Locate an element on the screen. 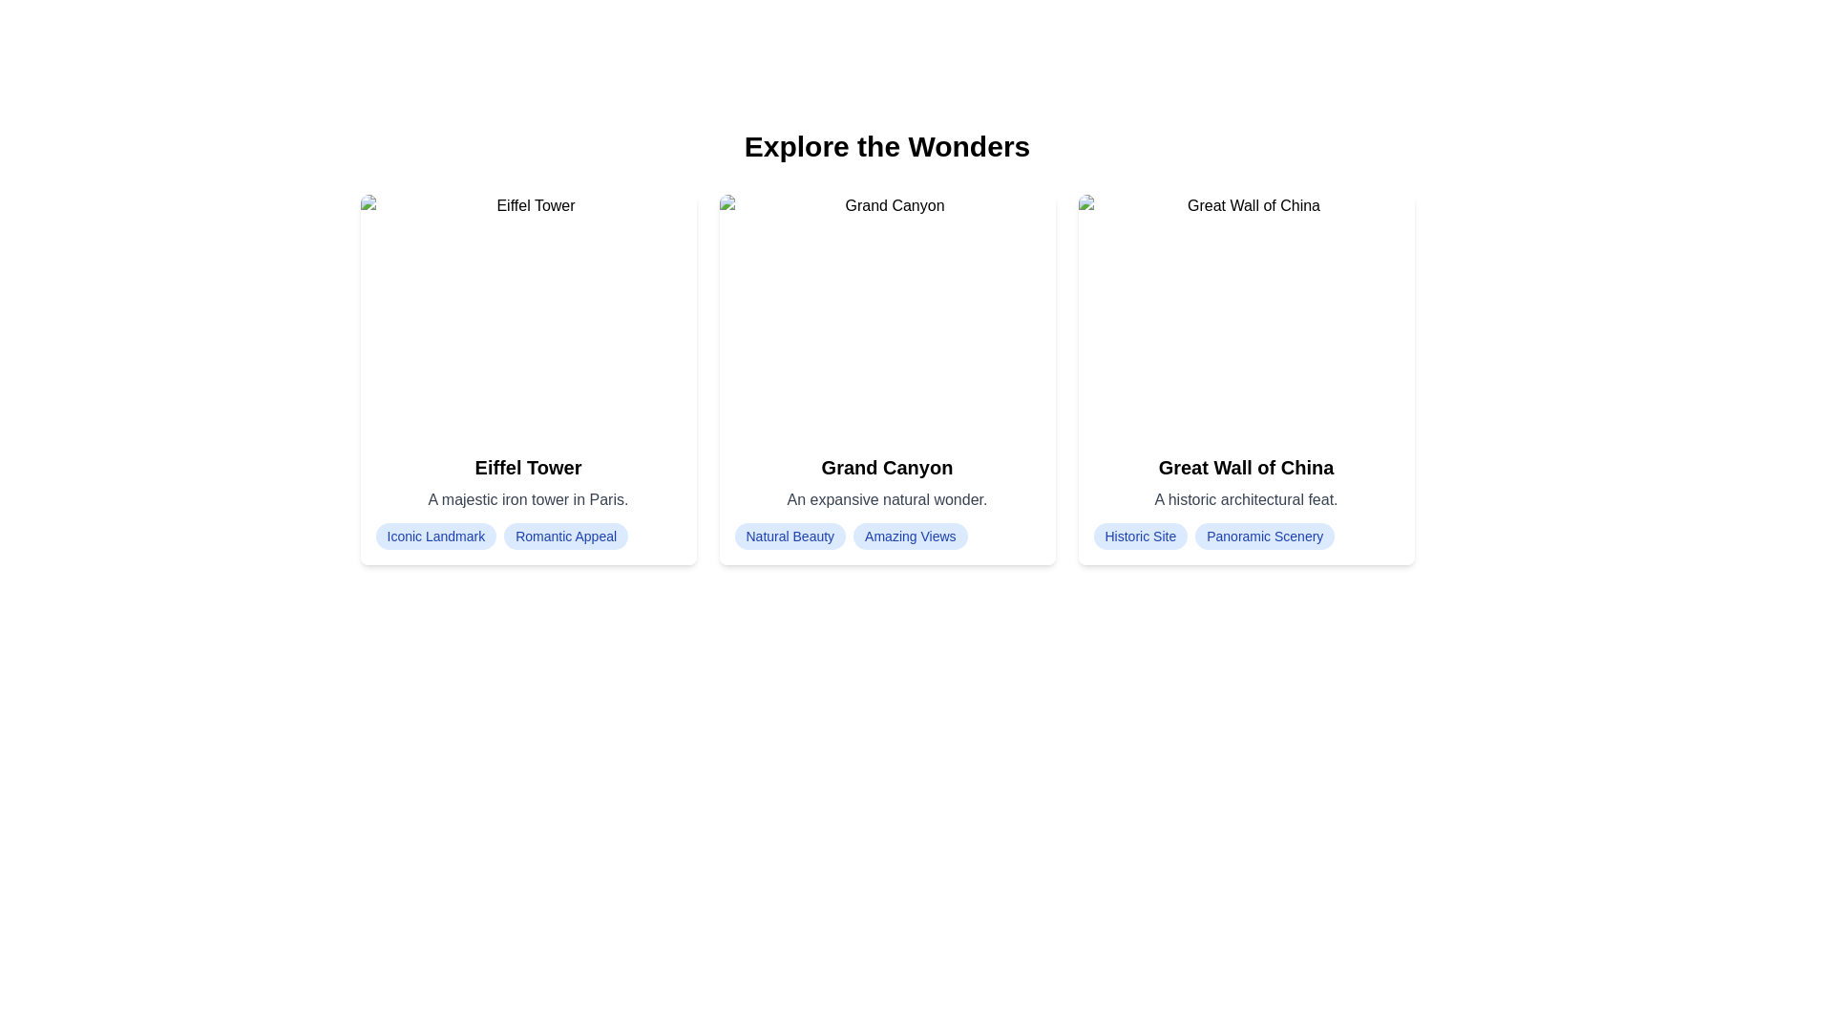 Image resolution: width=1833 pixels, height=1031 pixels. displayed text 'Eiffel Tower' from the bold text label located at the top center of the descriptive card is located at coordinates (528, 467).